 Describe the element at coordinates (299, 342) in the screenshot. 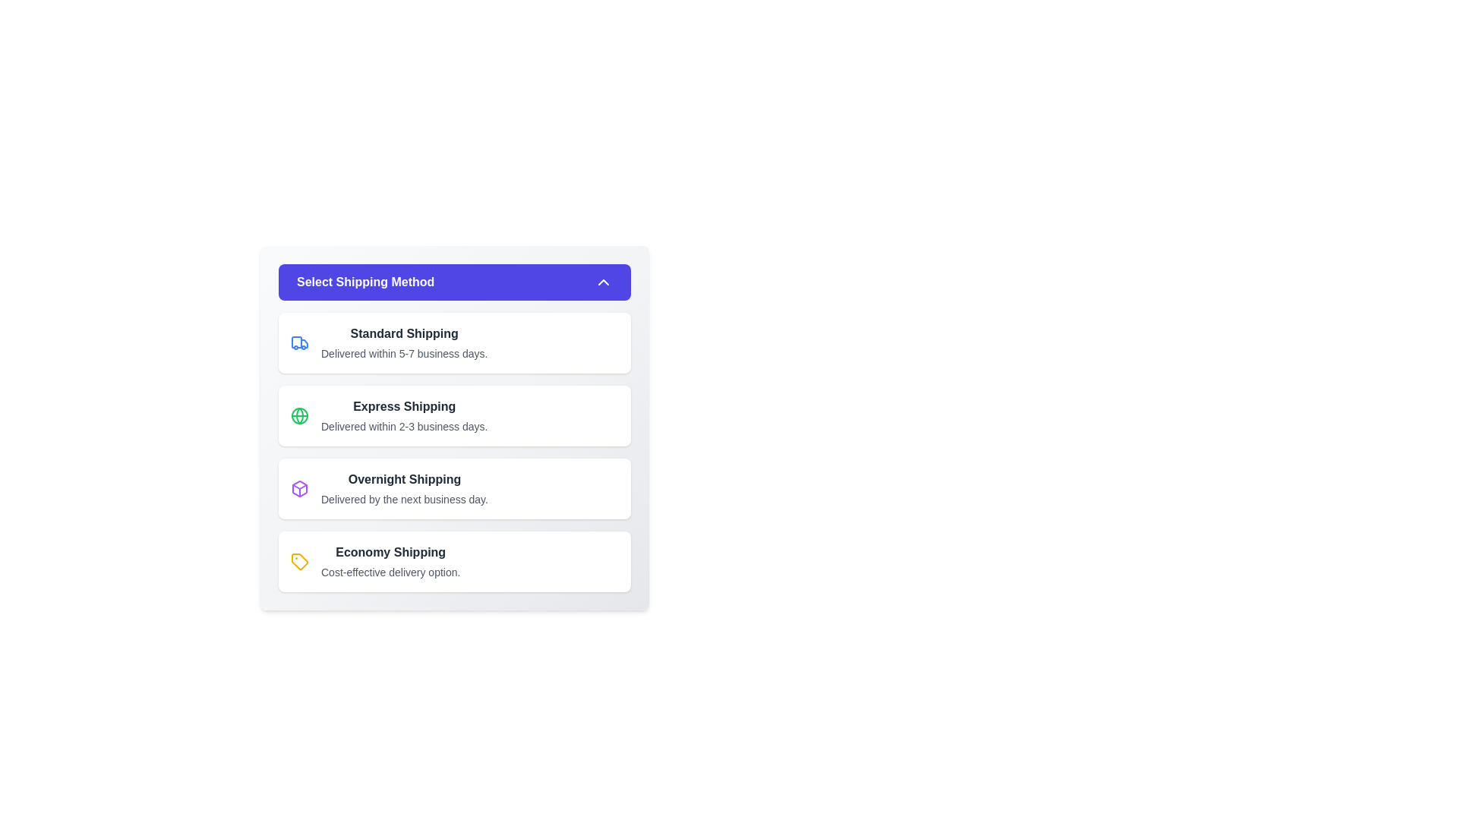

I see `the 'Standard Shipping' icon located at the top-left corner of the 'Standard Shipping' option, which serves as a visual indicator for delivery logistics` at that location.